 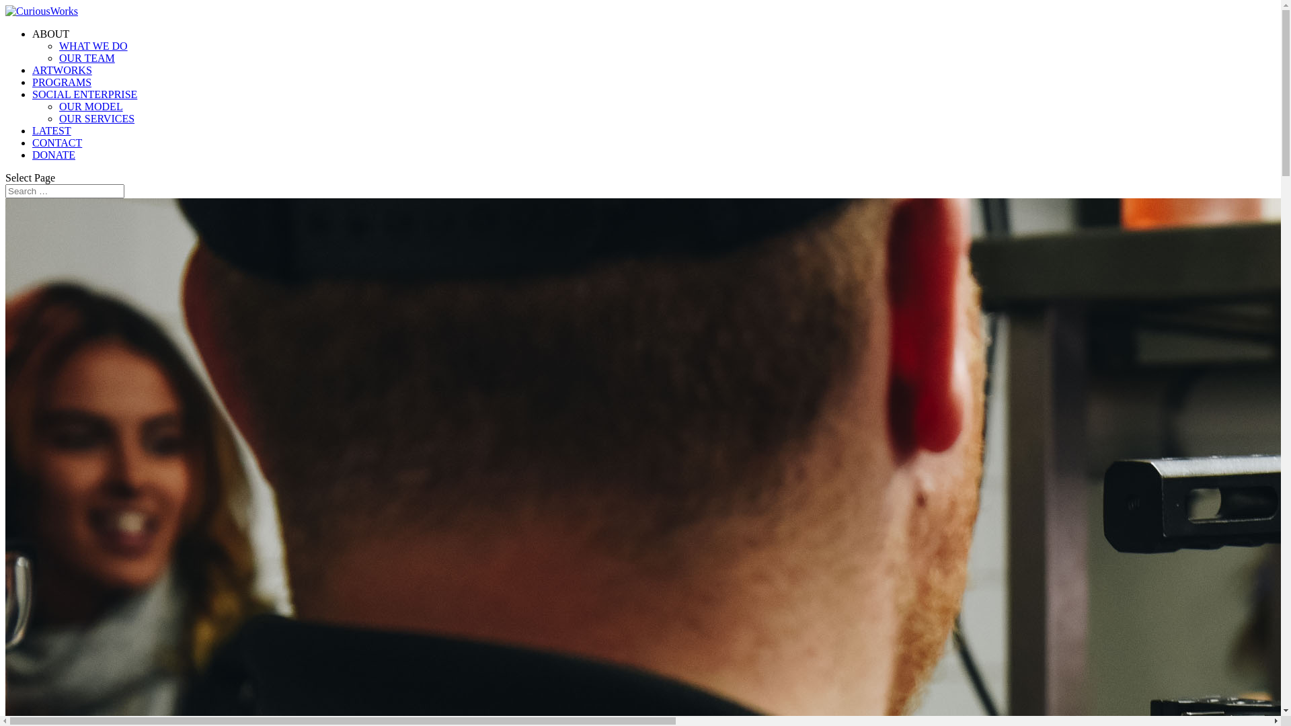 What do you see at coordinates (58, 106) in the screenshot?
I see `'OUR MODEL'` at bounding box center [58, 106].